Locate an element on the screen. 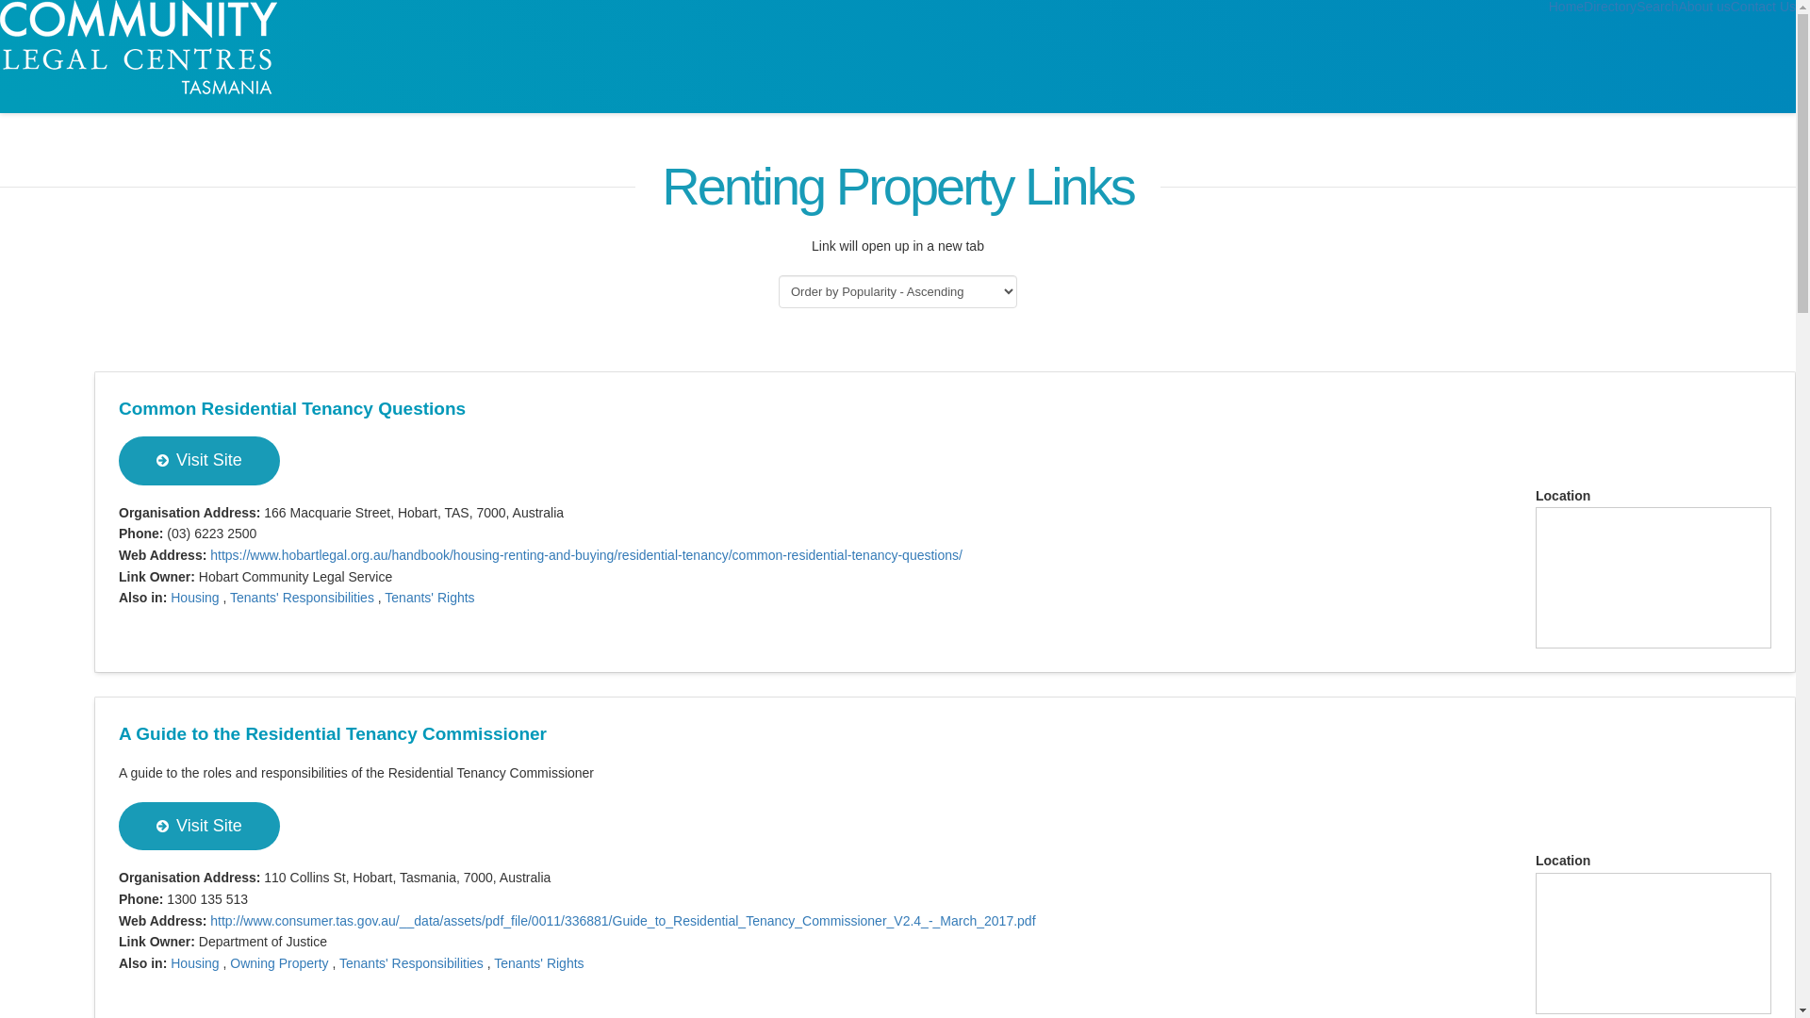  'About us' is located at coordinates (1678, 7).